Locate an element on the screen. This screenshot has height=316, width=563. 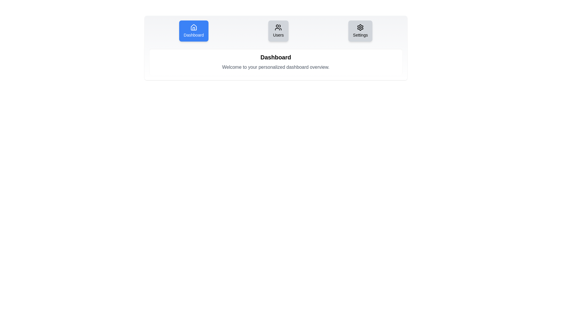
the Users tab by clicking on it is located at coordinates (278, 31).